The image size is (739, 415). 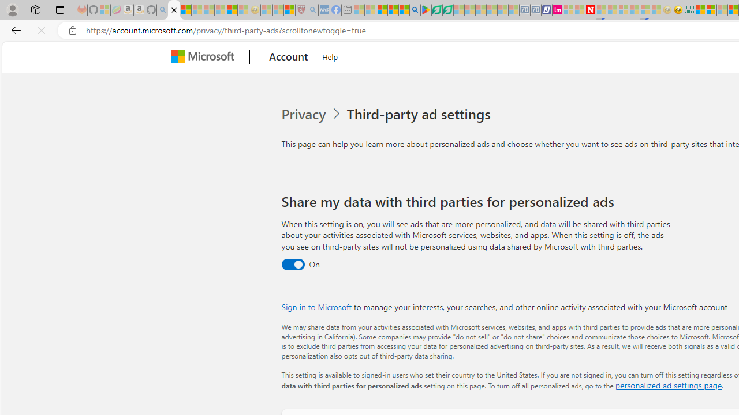 What do you see at coordinates (425, 10) in the screenshot?
I see `'Bluey: Let'` at bounding box center [425, 10].